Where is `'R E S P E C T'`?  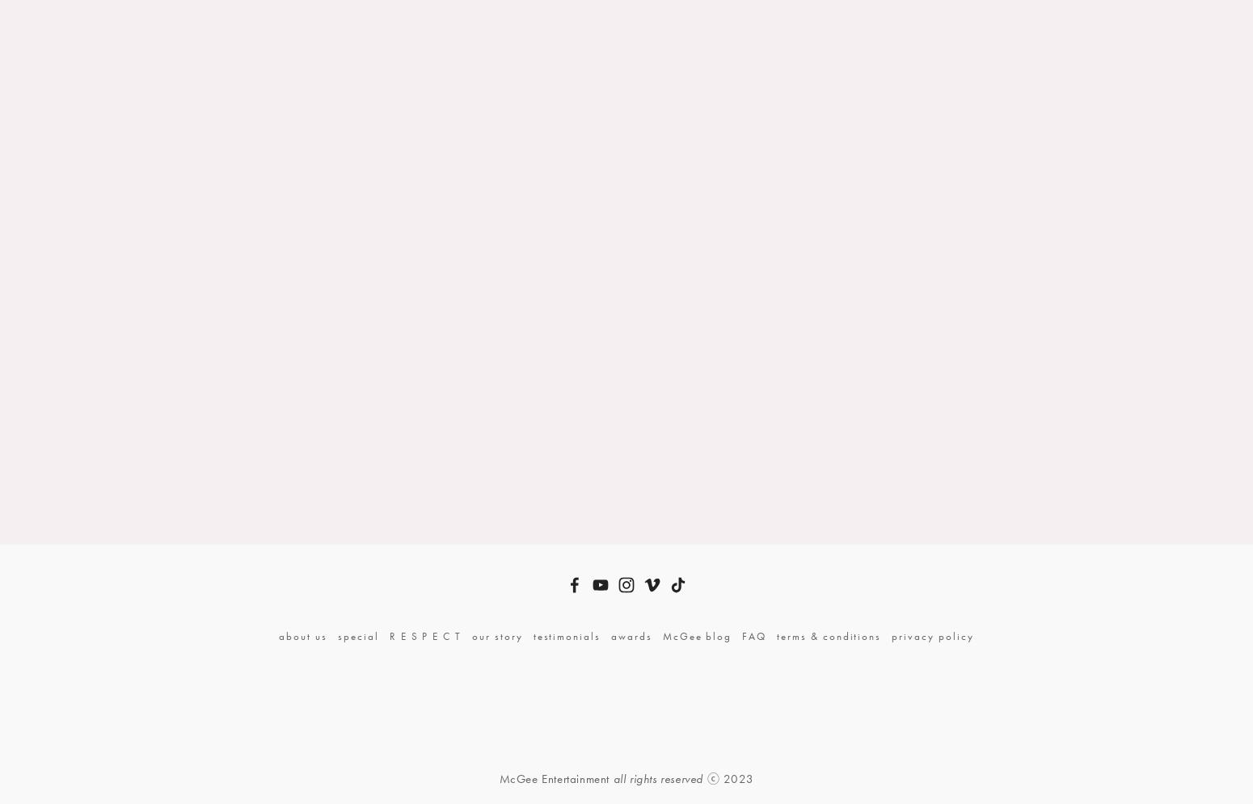
'R E S P E C T' is located at coordinates (387, 635).